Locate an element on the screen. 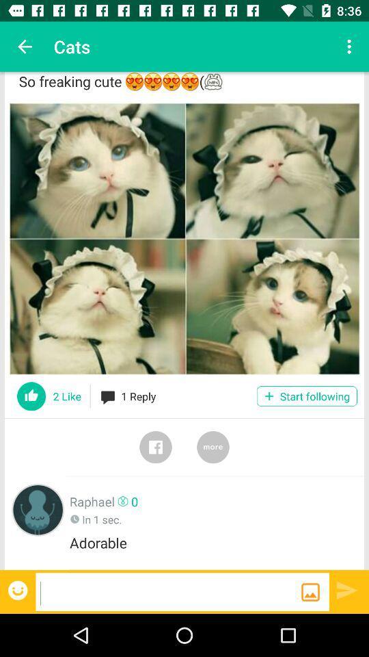 This screenshot has width=369, height=657. input a search term is located at coordinates (168, 591).